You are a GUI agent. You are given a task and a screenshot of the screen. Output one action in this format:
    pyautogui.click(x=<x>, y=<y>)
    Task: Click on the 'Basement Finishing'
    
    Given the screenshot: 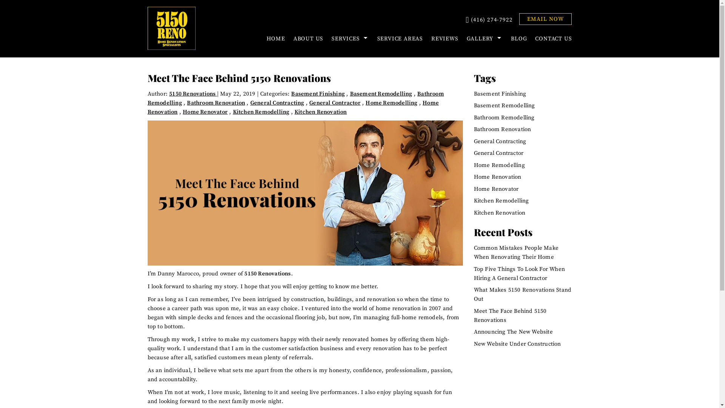 What is the action you would take?
    pyautogui.click(x=318, y=93)
    